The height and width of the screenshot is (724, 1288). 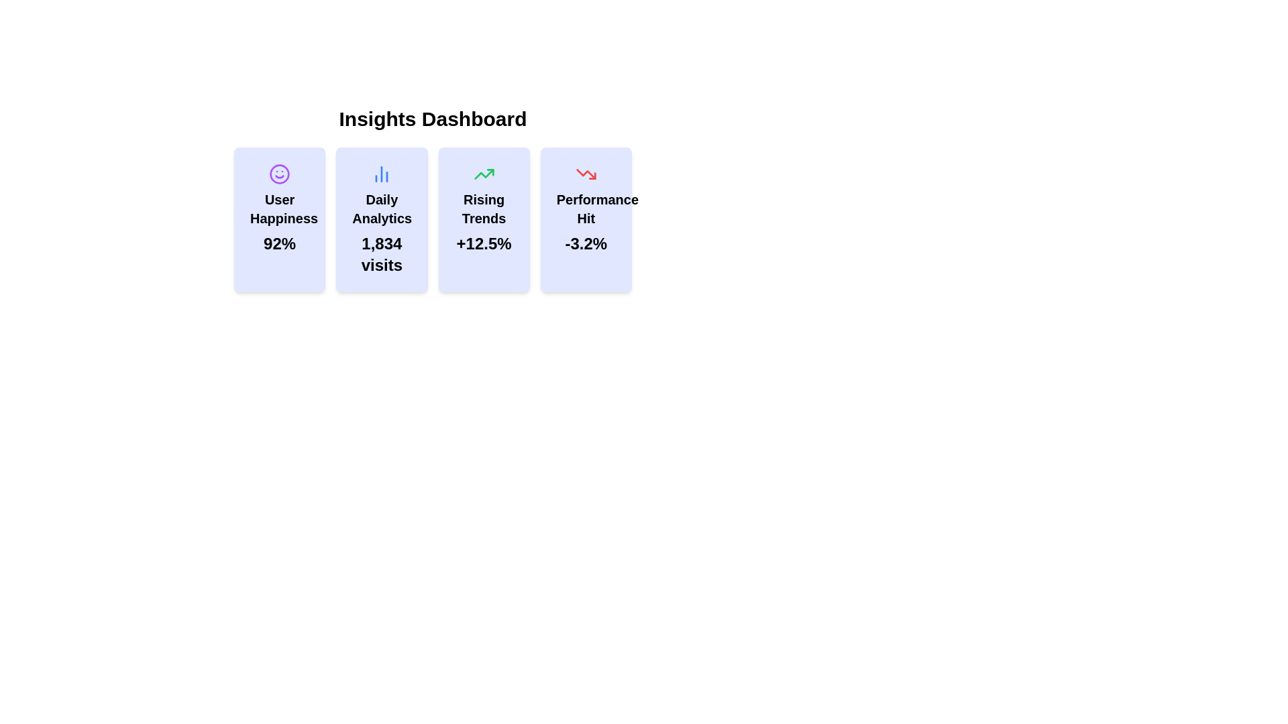 What do you see at coordinates (381, 255) in the screenshot?
I see `numerical value displayed in the text label within the 'Daily Analytics' card, which shows '1,834'` at bounding box center [381, 255].